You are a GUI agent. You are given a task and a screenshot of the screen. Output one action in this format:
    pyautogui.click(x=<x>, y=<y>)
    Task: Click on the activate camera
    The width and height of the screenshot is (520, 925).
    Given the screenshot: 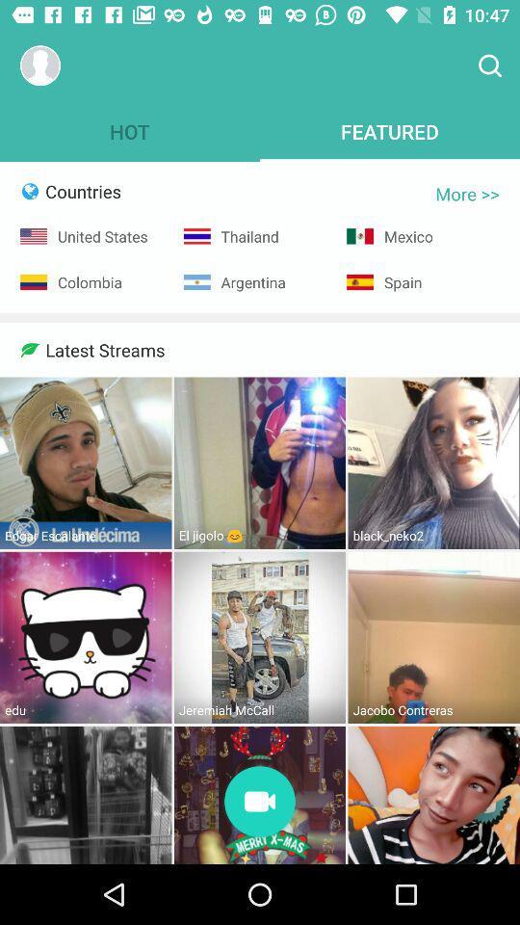 What is the action you would take?
    pyautogui.click(x=260, y=803)
    